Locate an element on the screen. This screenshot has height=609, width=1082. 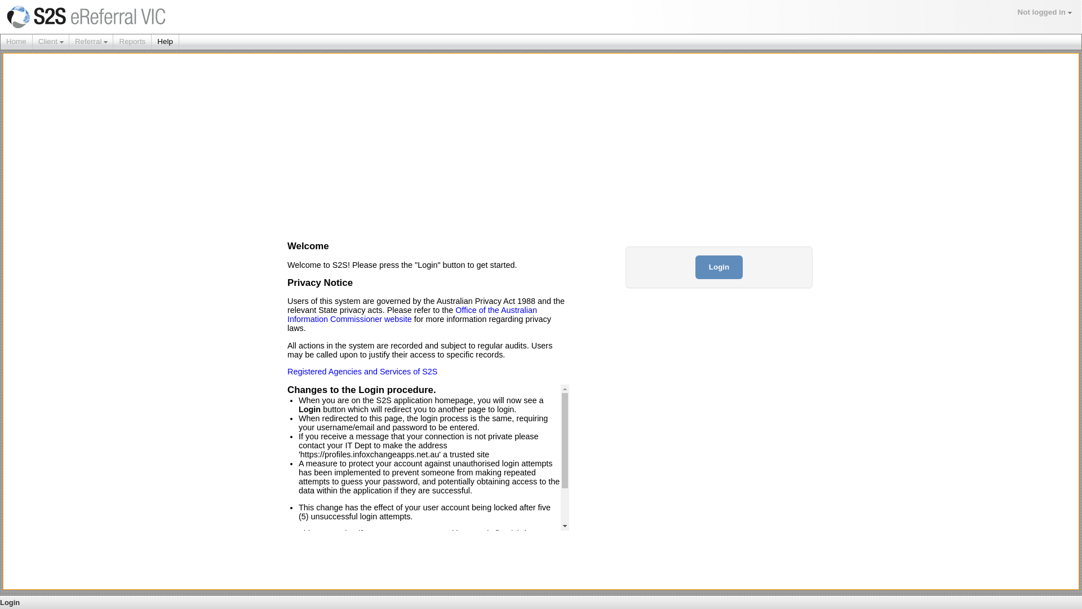
'Login' is located at coordinates (719, 267).